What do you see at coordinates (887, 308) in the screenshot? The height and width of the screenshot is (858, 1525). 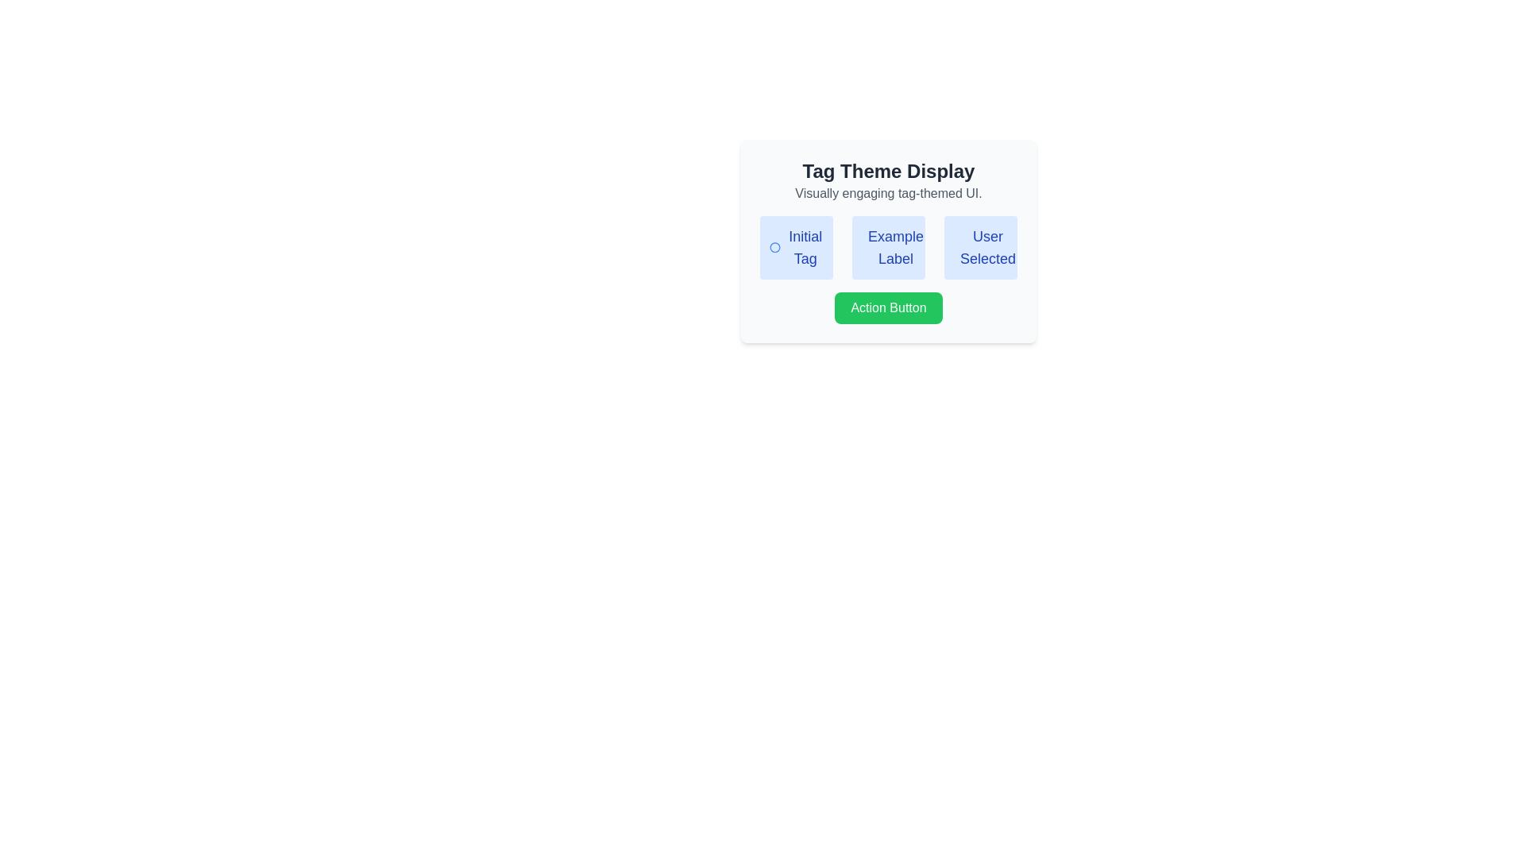 I see `the green 'Action Button' located below the group of three blue-tinted labeled sections` at bounding box center [887, 308].